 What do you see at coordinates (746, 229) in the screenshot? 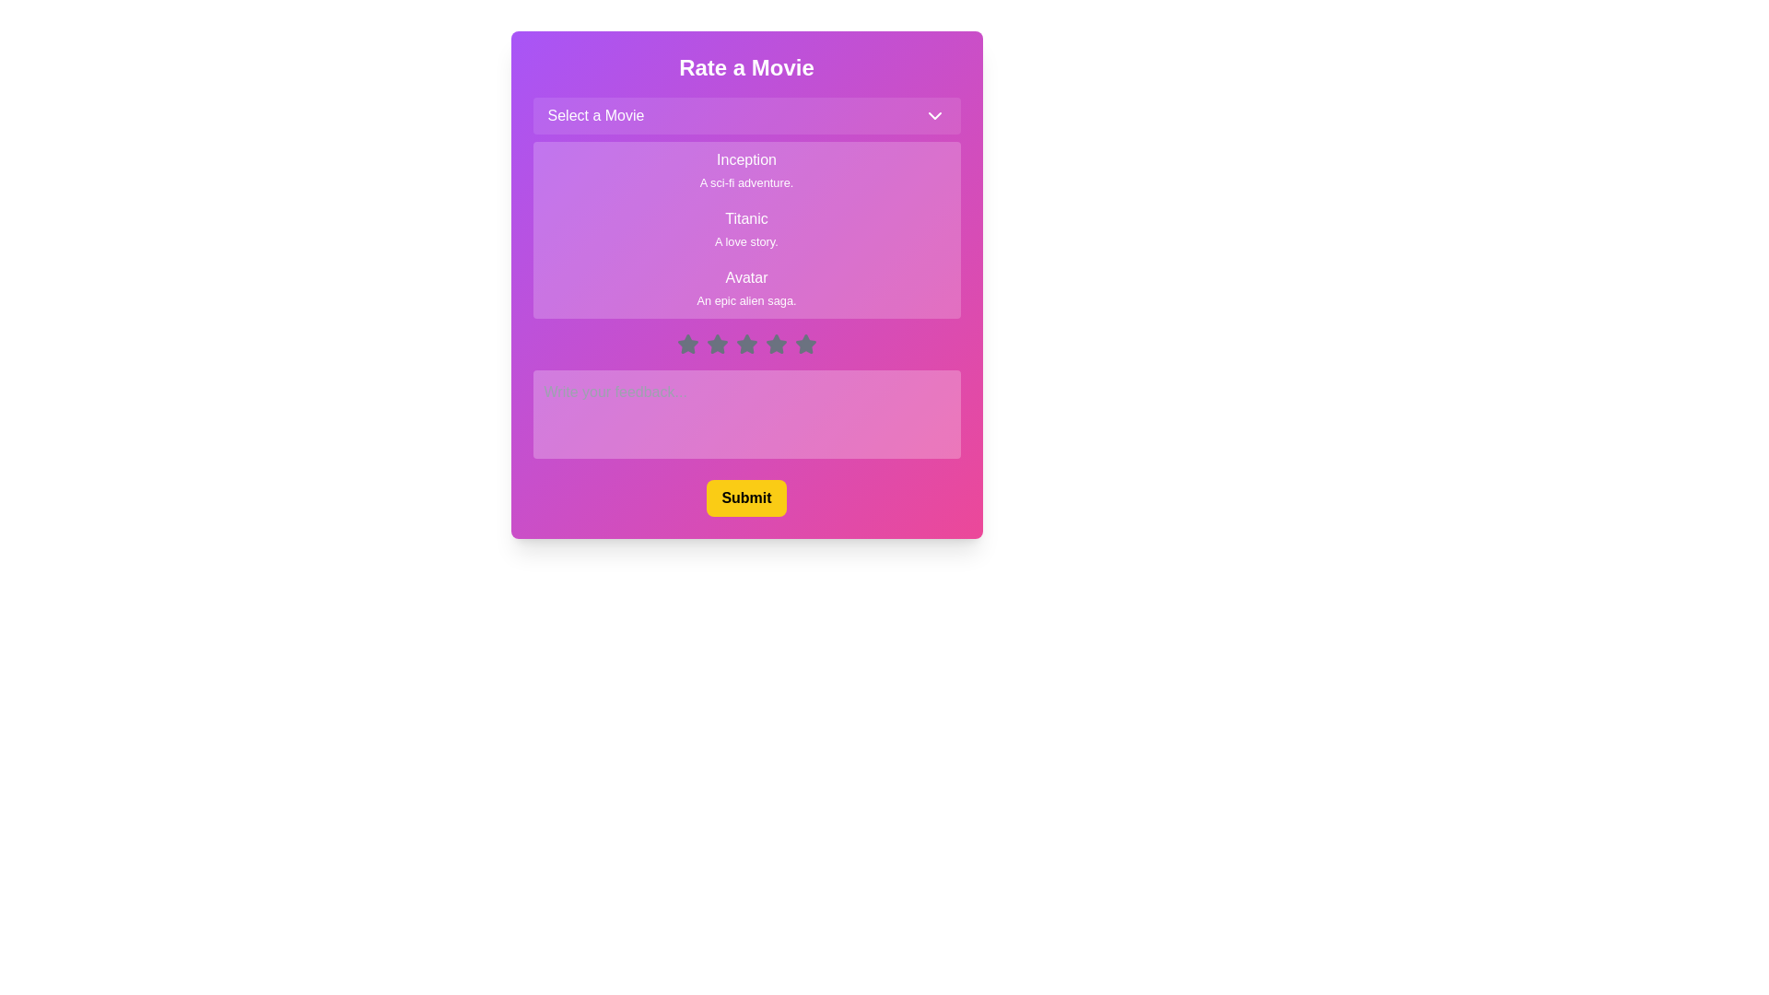
I see `to select the movie option that is the second entry in a vertical list, positioned between 'Inception' and 'Avatar'` at bounding box center [746, 229].